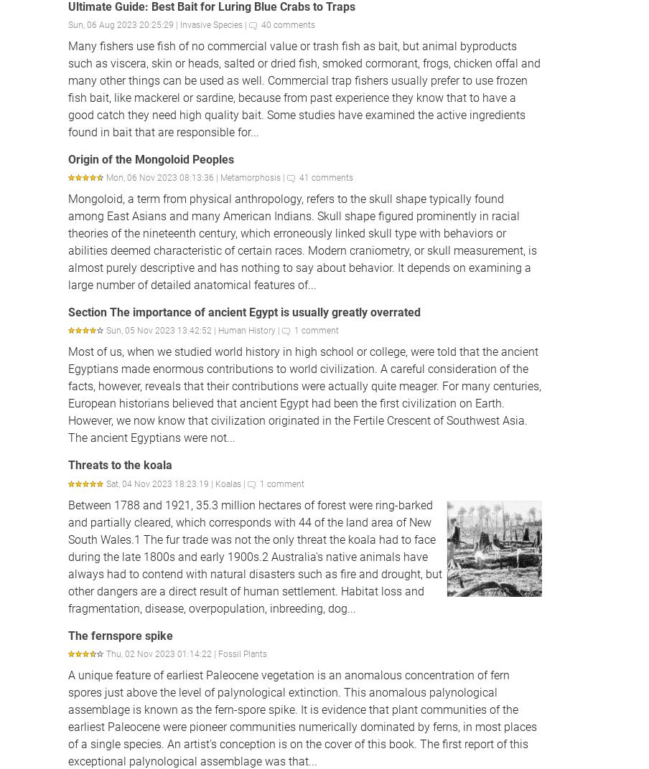 The height and width of the screenshot is (769, 649). What do you see at coordinates (179, 24) in the screenshot?
I see `'Invasive Species'` at bounding box center [179, 24].